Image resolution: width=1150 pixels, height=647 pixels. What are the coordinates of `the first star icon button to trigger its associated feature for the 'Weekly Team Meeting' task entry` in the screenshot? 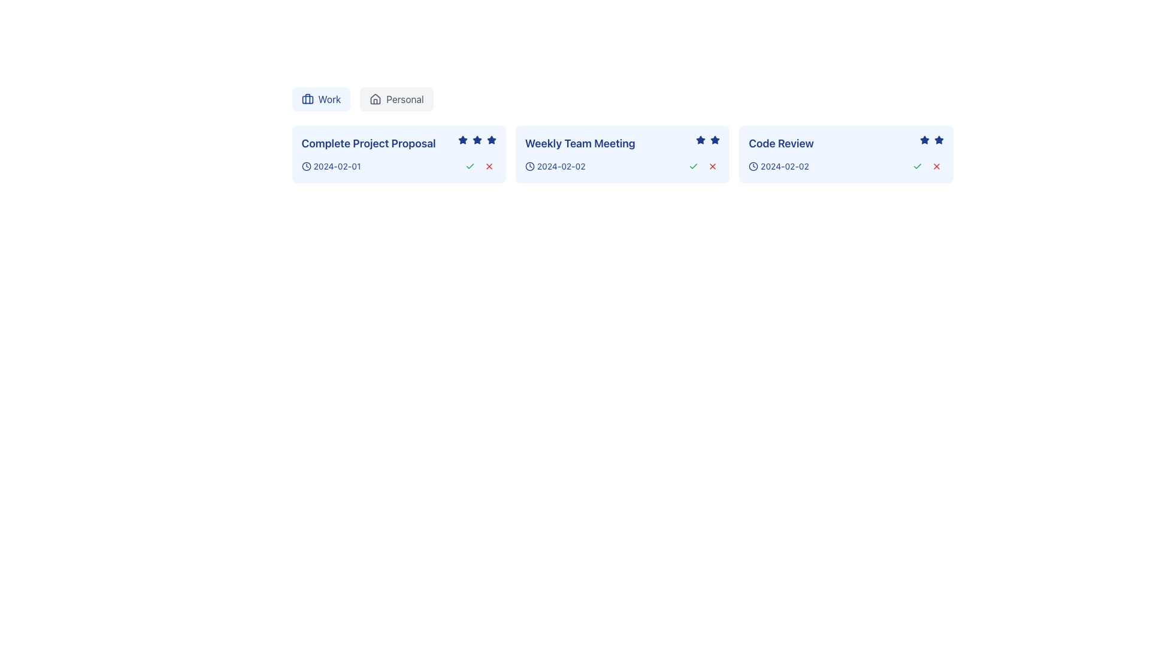 It's located at (701, 140).